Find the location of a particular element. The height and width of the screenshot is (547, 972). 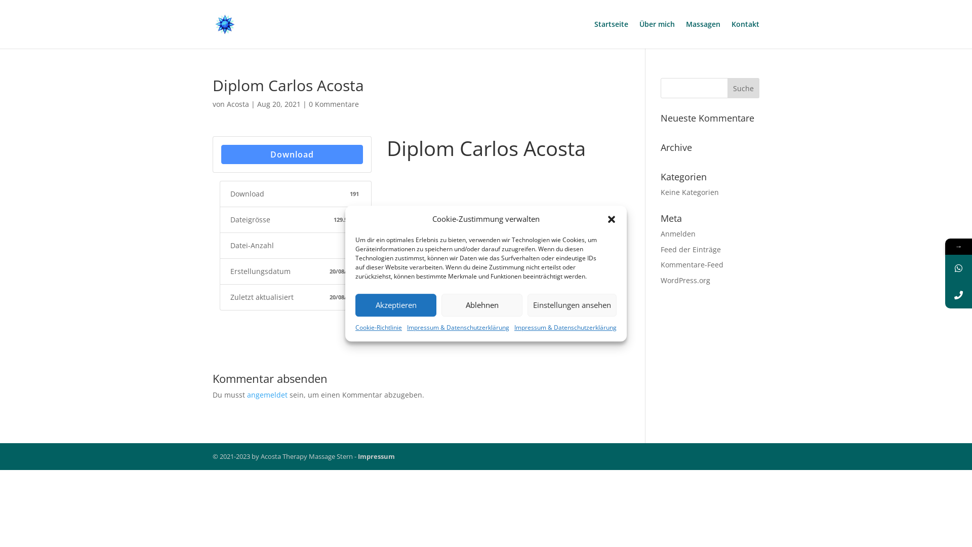

'Akzeptieren' is located at coordinates (395, 304).